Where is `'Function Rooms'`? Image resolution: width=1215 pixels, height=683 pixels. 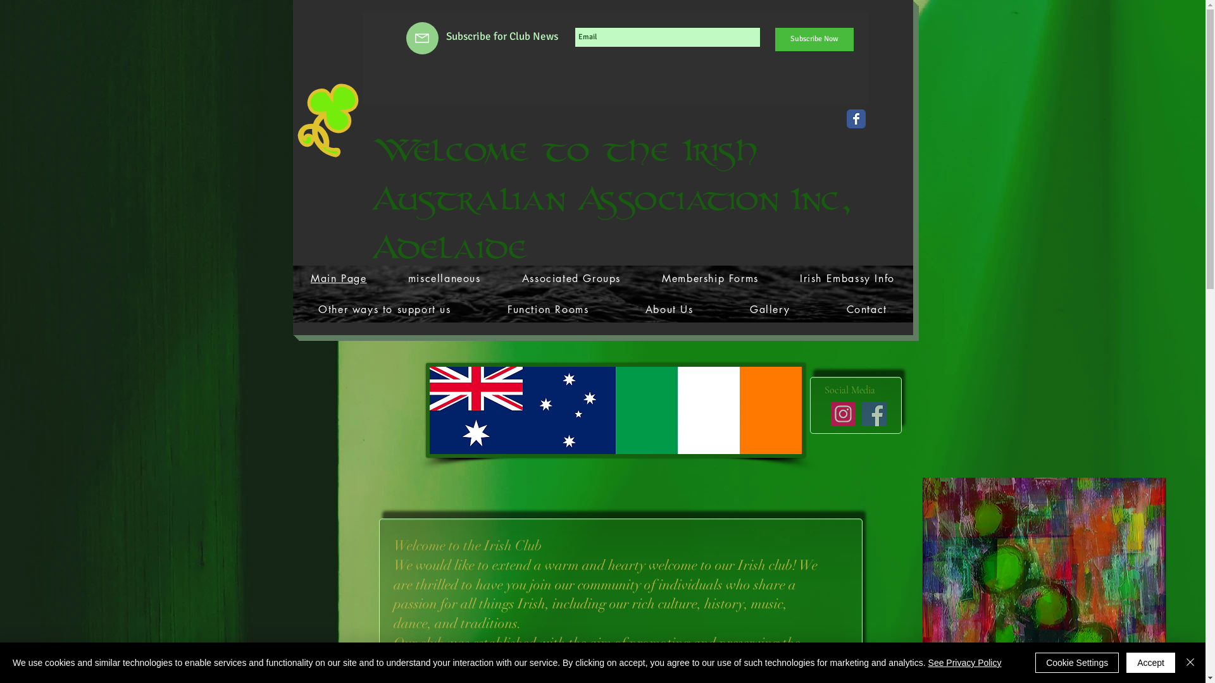
'Function Rooms' is located at coordinates (547, 309).